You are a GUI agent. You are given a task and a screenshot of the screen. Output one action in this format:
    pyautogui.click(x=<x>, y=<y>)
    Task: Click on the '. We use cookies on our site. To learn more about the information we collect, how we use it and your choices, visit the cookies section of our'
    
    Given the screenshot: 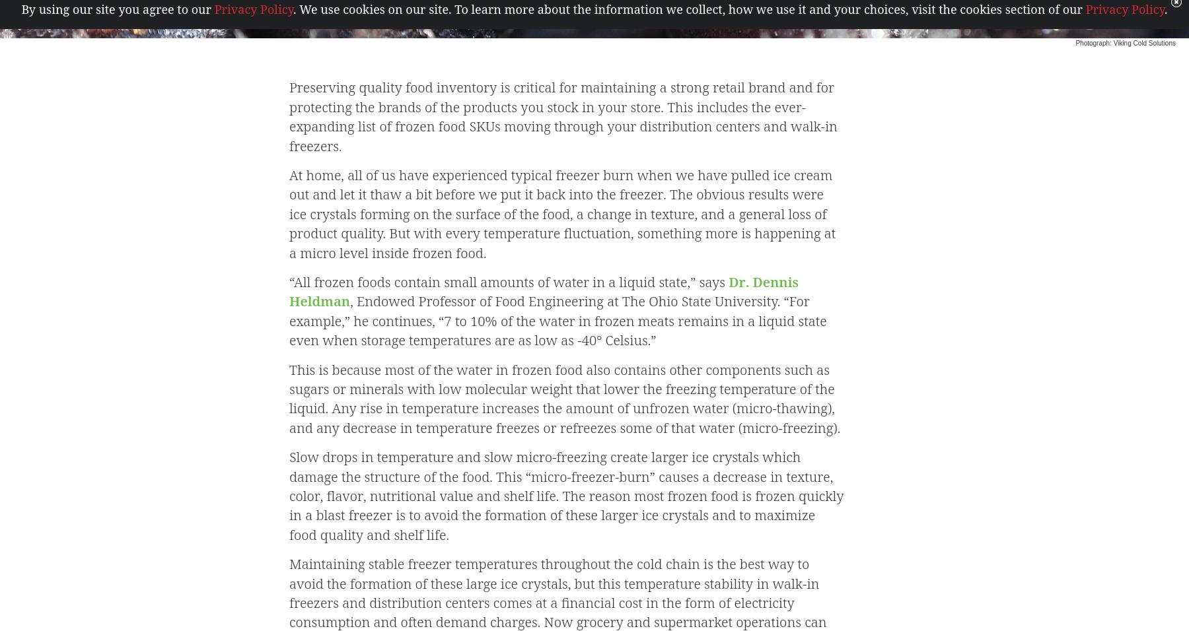 What is the action you would take?
    pyautogui.click(x=689, y=8)
    